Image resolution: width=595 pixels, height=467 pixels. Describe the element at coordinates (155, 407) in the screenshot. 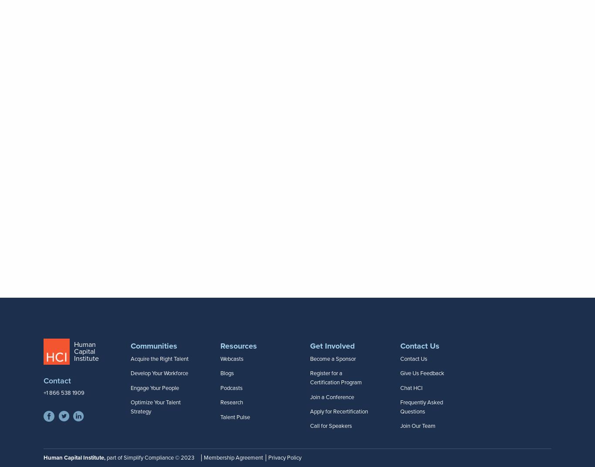

I see `'Optimize Your Talent Strategy'` at that location.